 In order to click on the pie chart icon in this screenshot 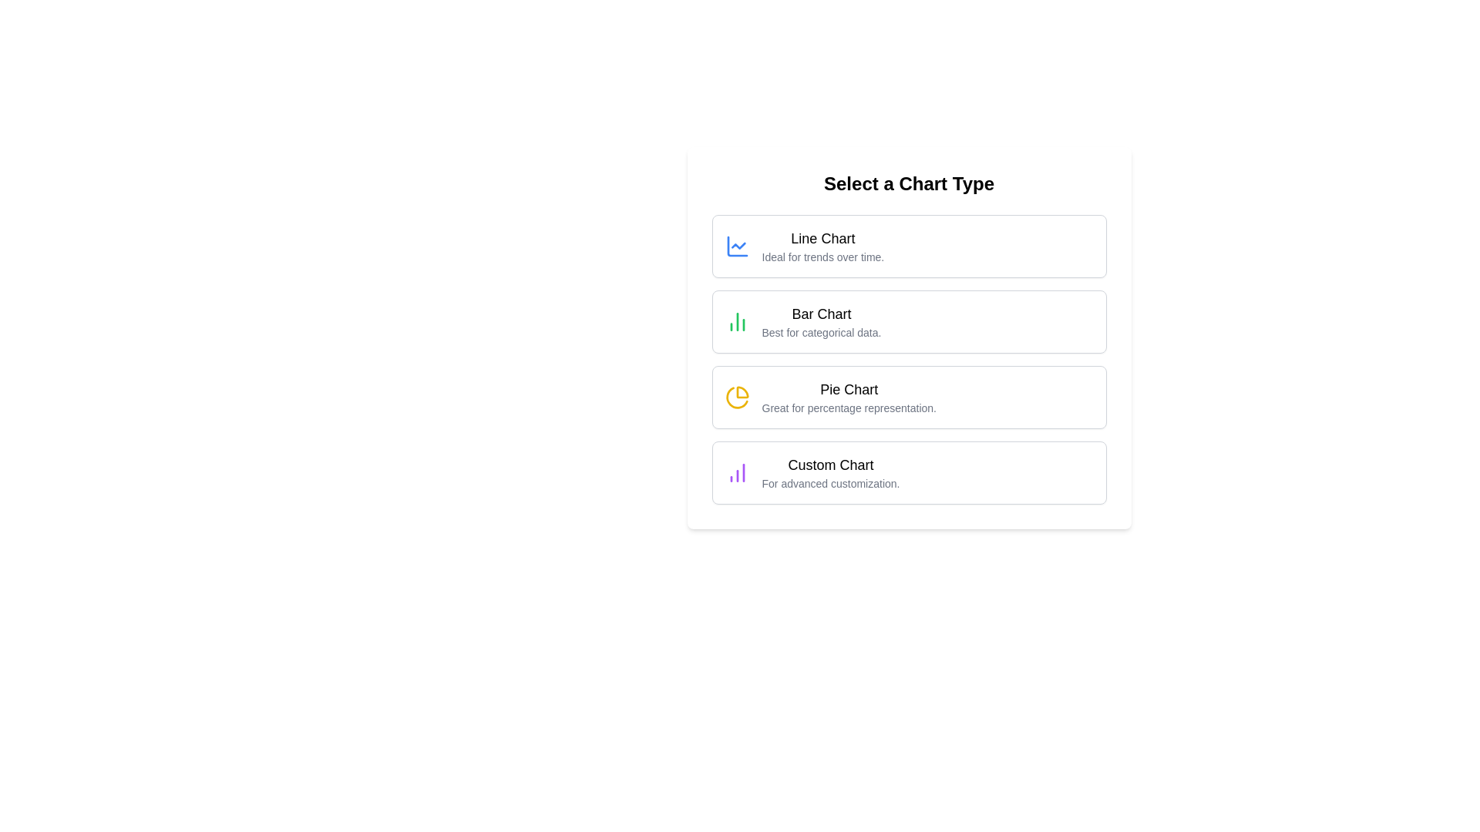, I will do `click(736, 397)`.